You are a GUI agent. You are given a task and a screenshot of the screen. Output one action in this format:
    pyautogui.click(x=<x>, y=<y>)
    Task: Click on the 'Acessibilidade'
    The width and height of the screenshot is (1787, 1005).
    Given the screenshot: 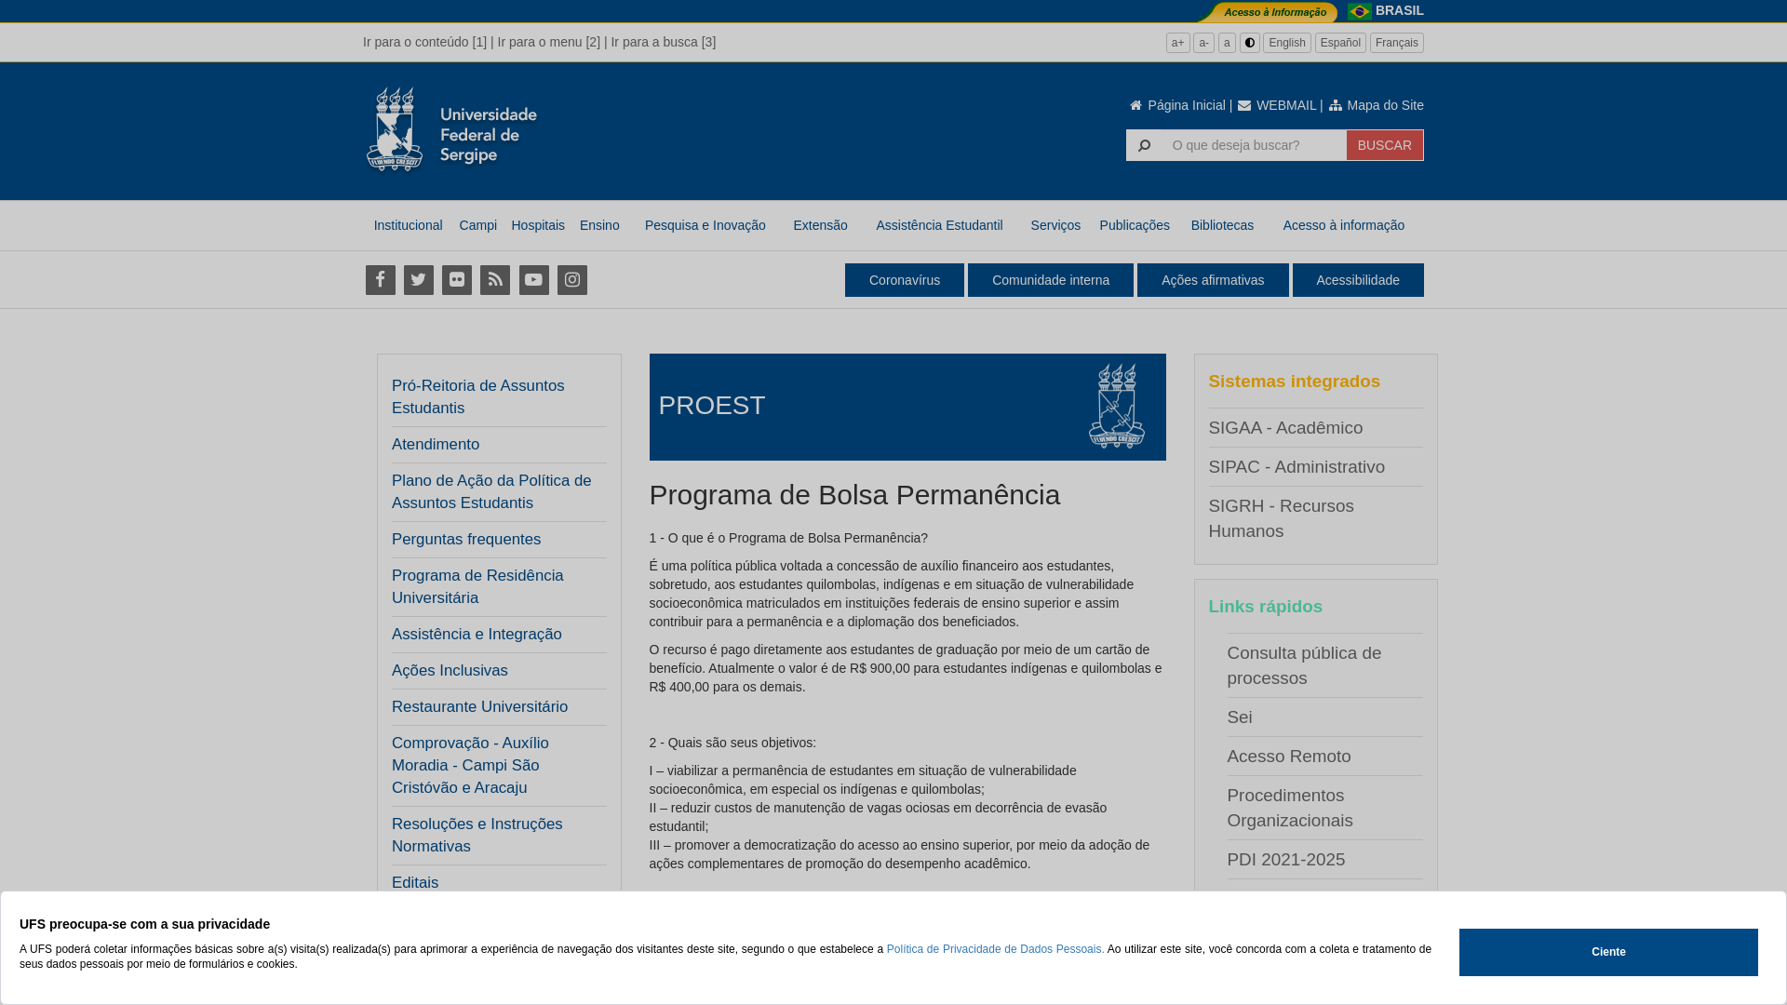 What is the action you would take?
    pyautogui.click(x=1358, y=279)
    